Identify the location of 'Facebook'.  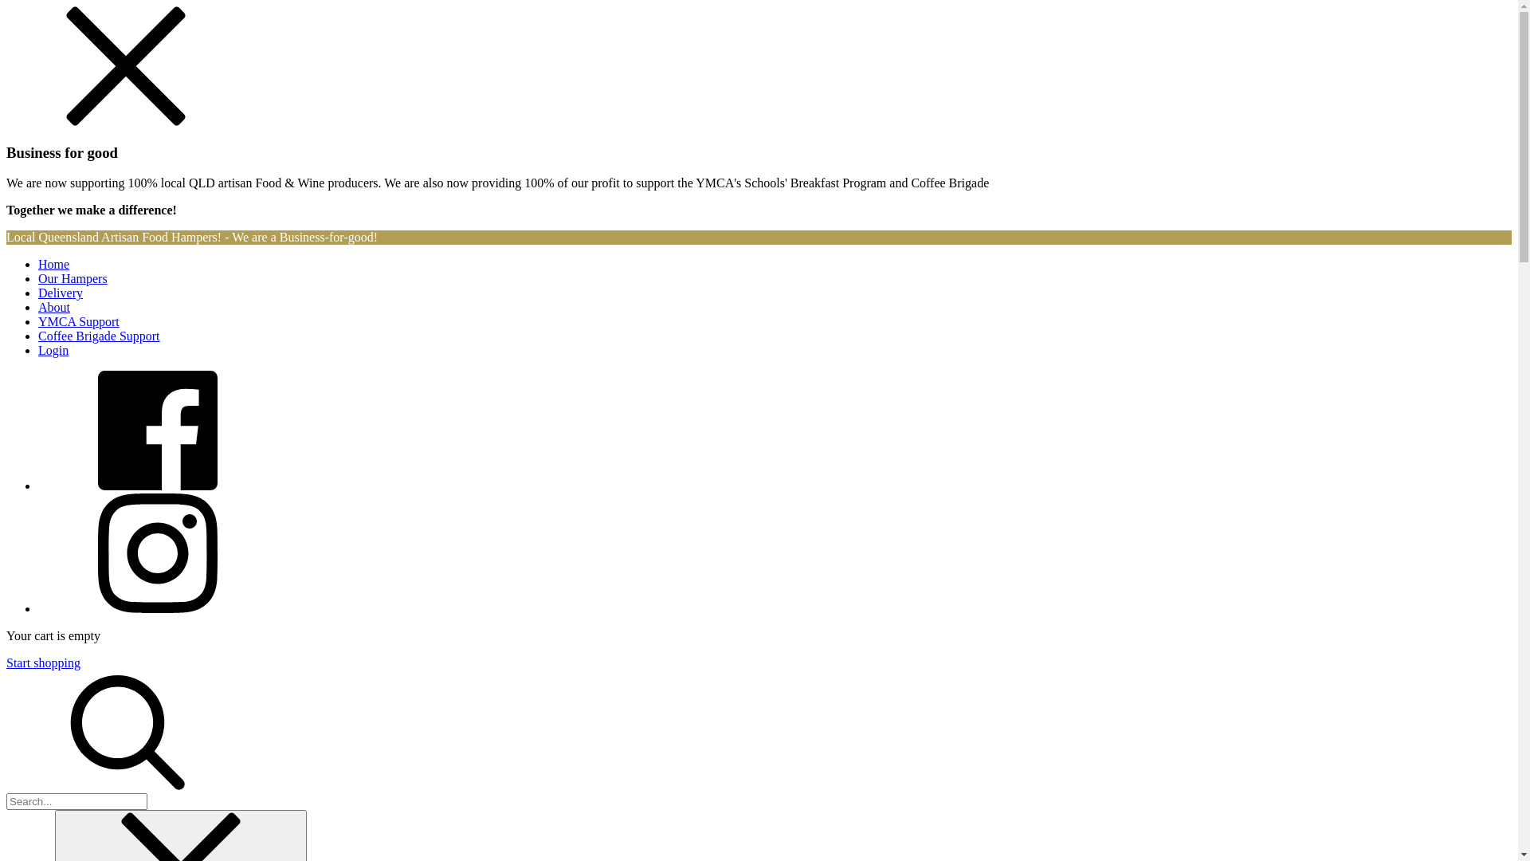
(38, 485).